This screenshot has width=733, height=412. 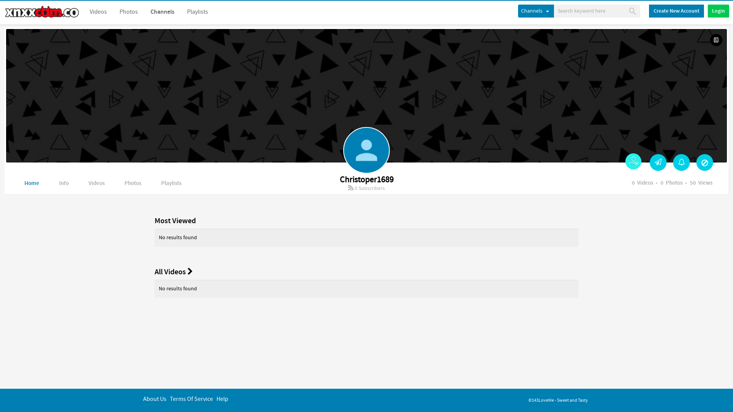 What do you see at coordinates (162, 12) in the screenshot?
I see `'Channels'` at bounding box center [162, 12].